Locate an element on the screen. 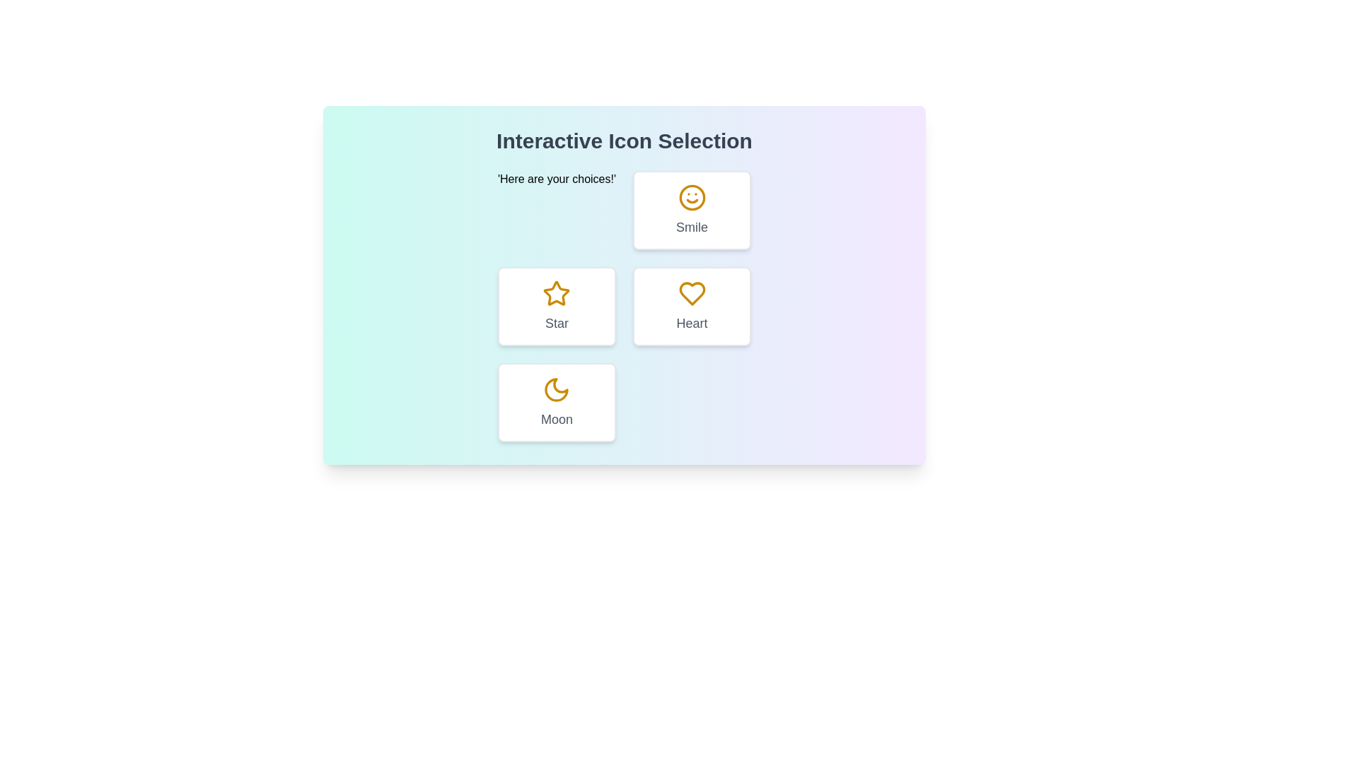 The height and width of the screenshot is (763, 1358). the Text label that describes the smiling face icon in the upper section of the grid layout, which is the first item in the series is located at coordinates (692, 226).